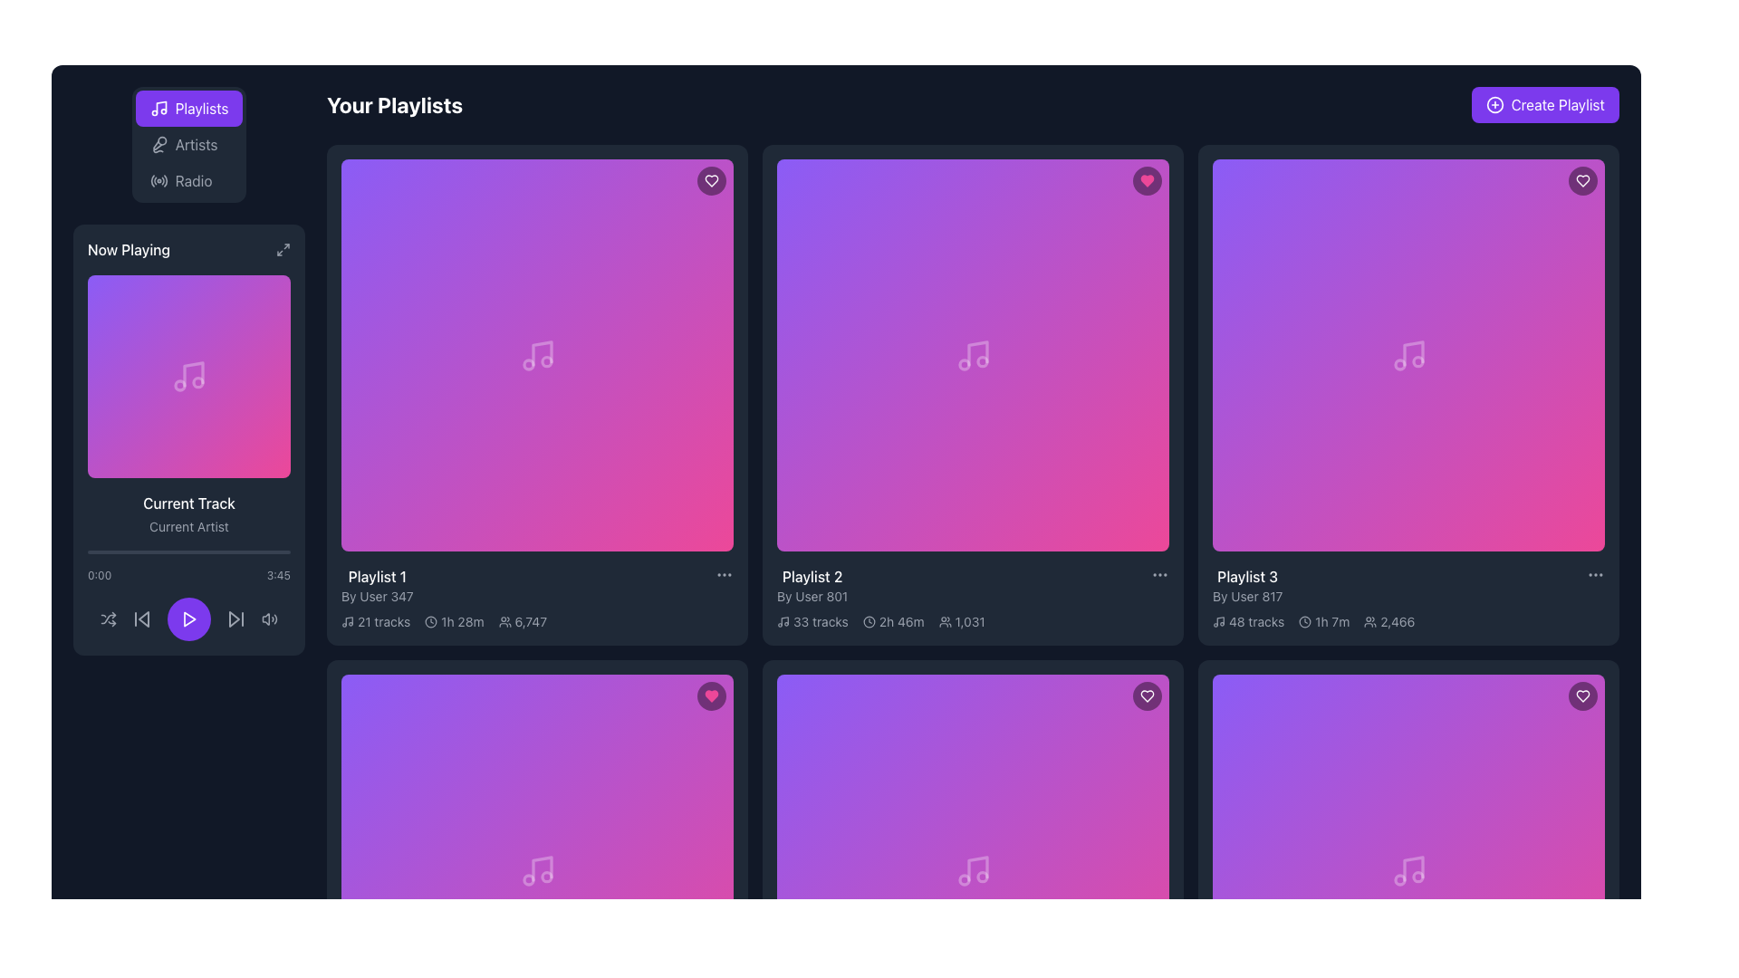 Image resolution: width=1739 pixels, height=978 pixels. I want to click on the music icon, which is an SVG graphic with a note symbol, located to the left of the text '21 tracks' in the details section of the first playlist card, so click(348, 620).